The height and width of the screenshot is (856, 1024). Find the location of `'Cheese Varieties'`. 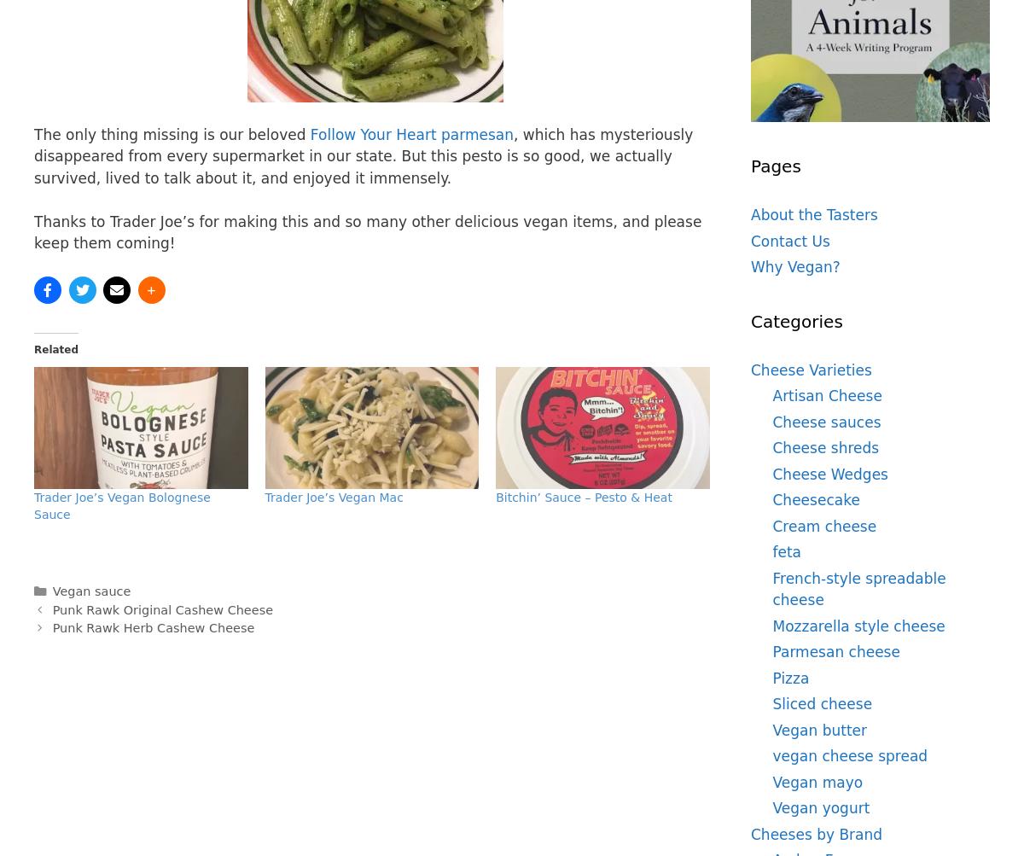

'Cheese Varieties' is located at coordinates (811, 369).